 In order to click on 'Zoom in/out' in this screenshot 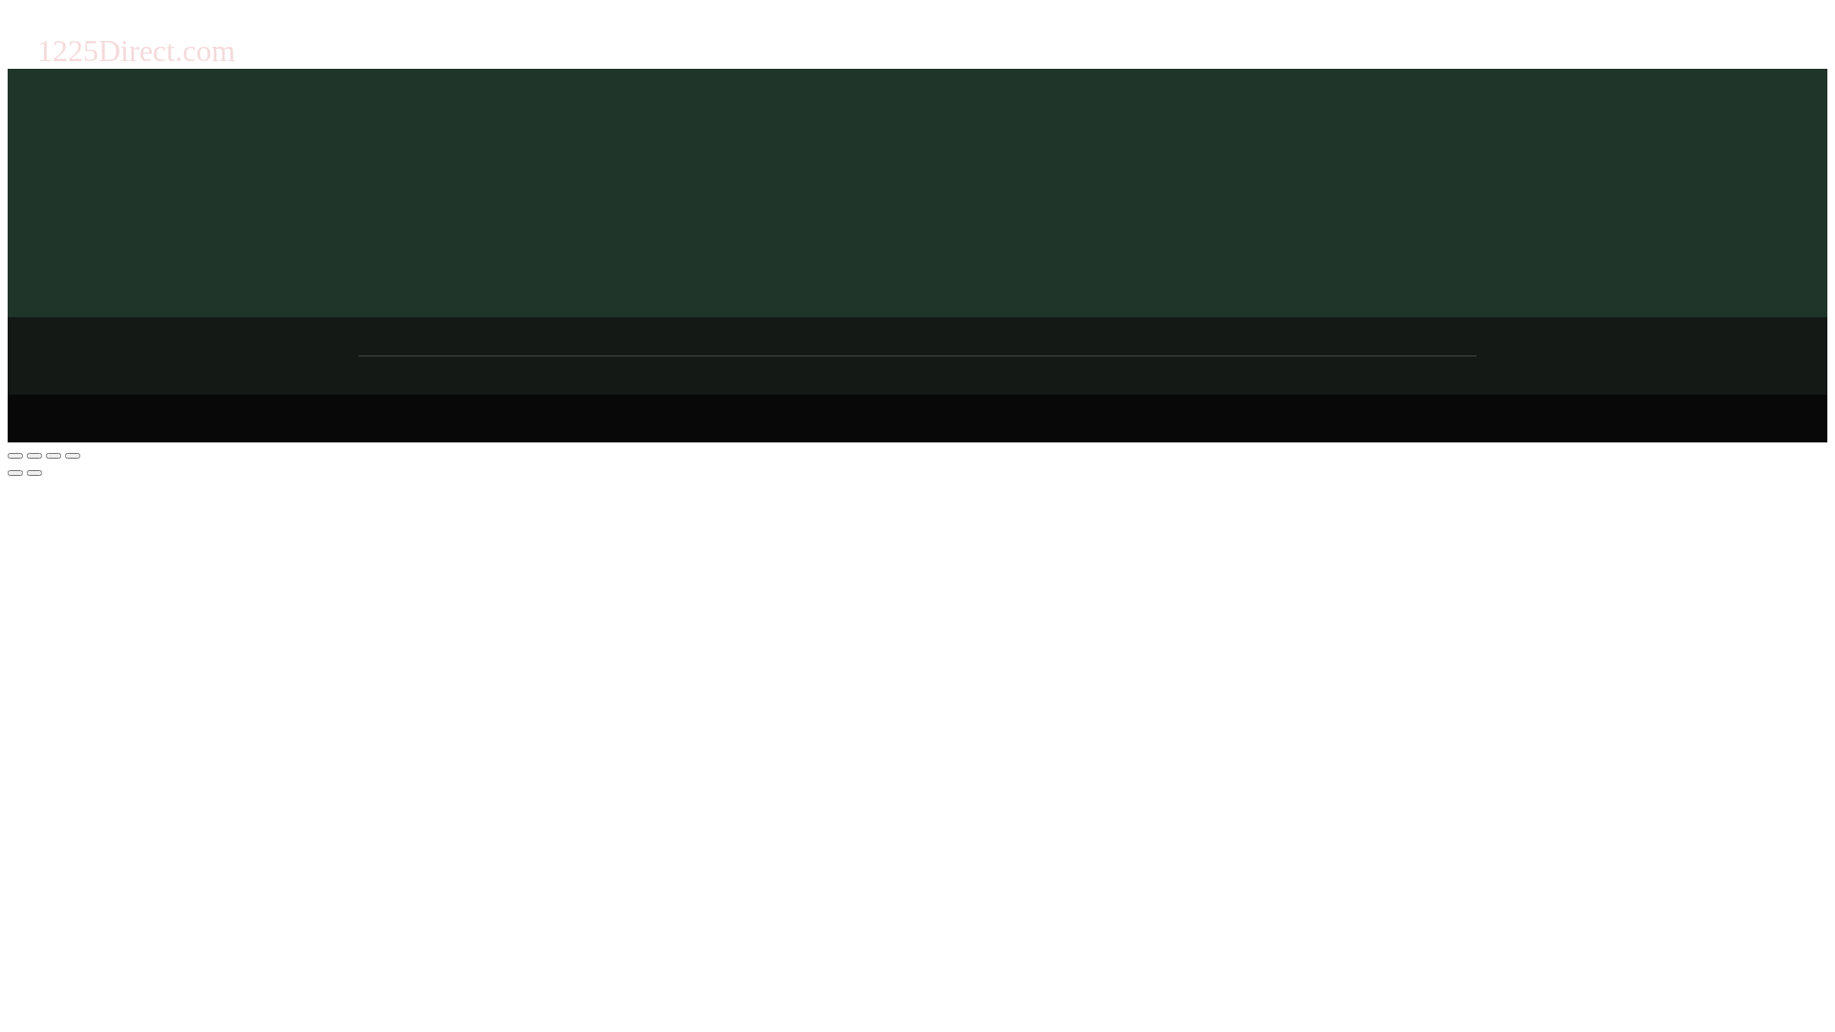, I will do `click(64, 456)`.